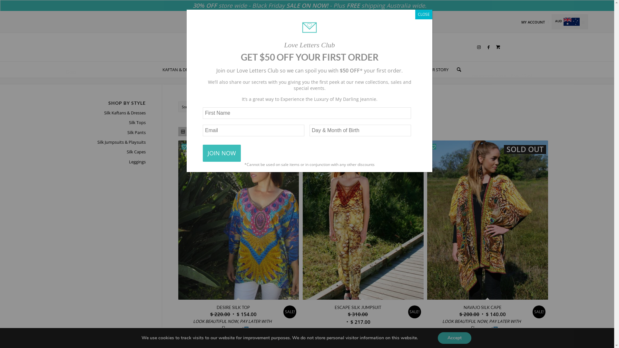 This screenshot has width=619, height=348. Describe the element at coordinates (565, 21) in the screenshot. I see `'AUD'` at that location.